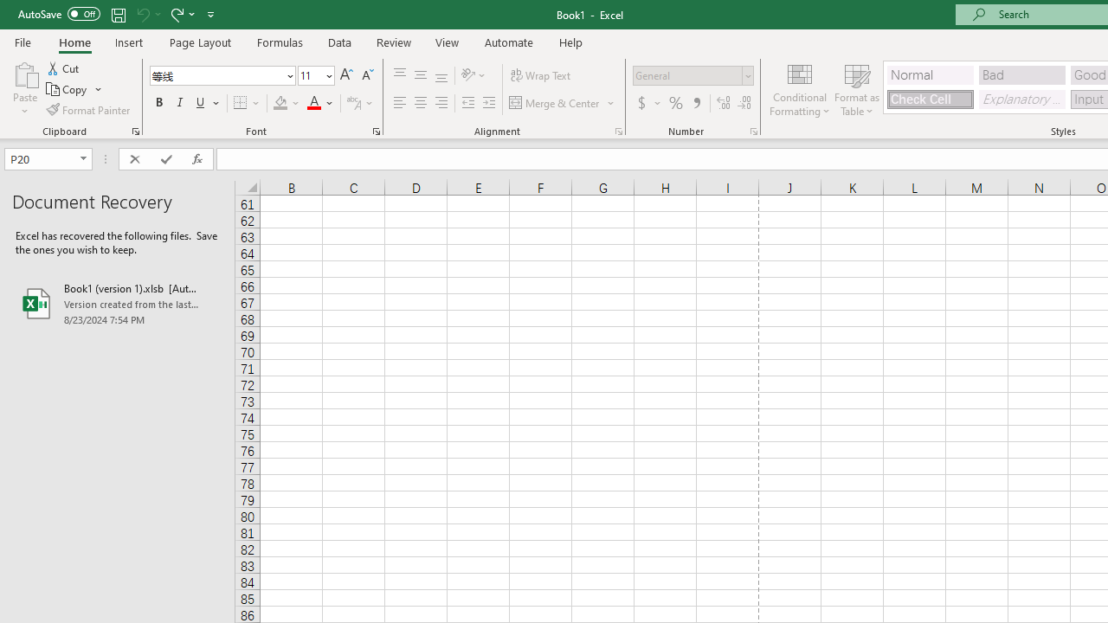 Image resolution: width=1108 pixels, height=623 pixels. What do you see at coordinates (618, 130) in the screenshot?
I see `'Format Cell Alignment'` at bounding box center [618, 130].